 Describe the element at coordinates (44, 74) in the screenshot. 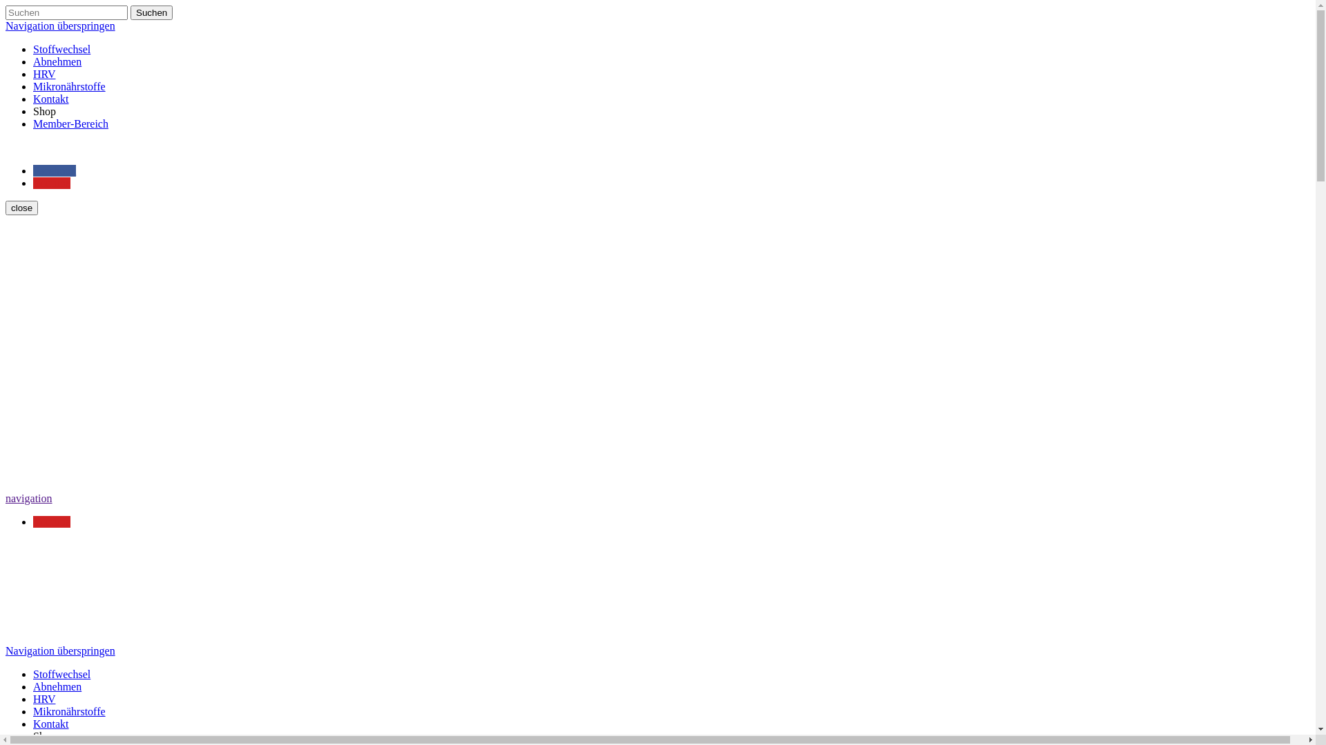

I see `'HRV'` at that location.